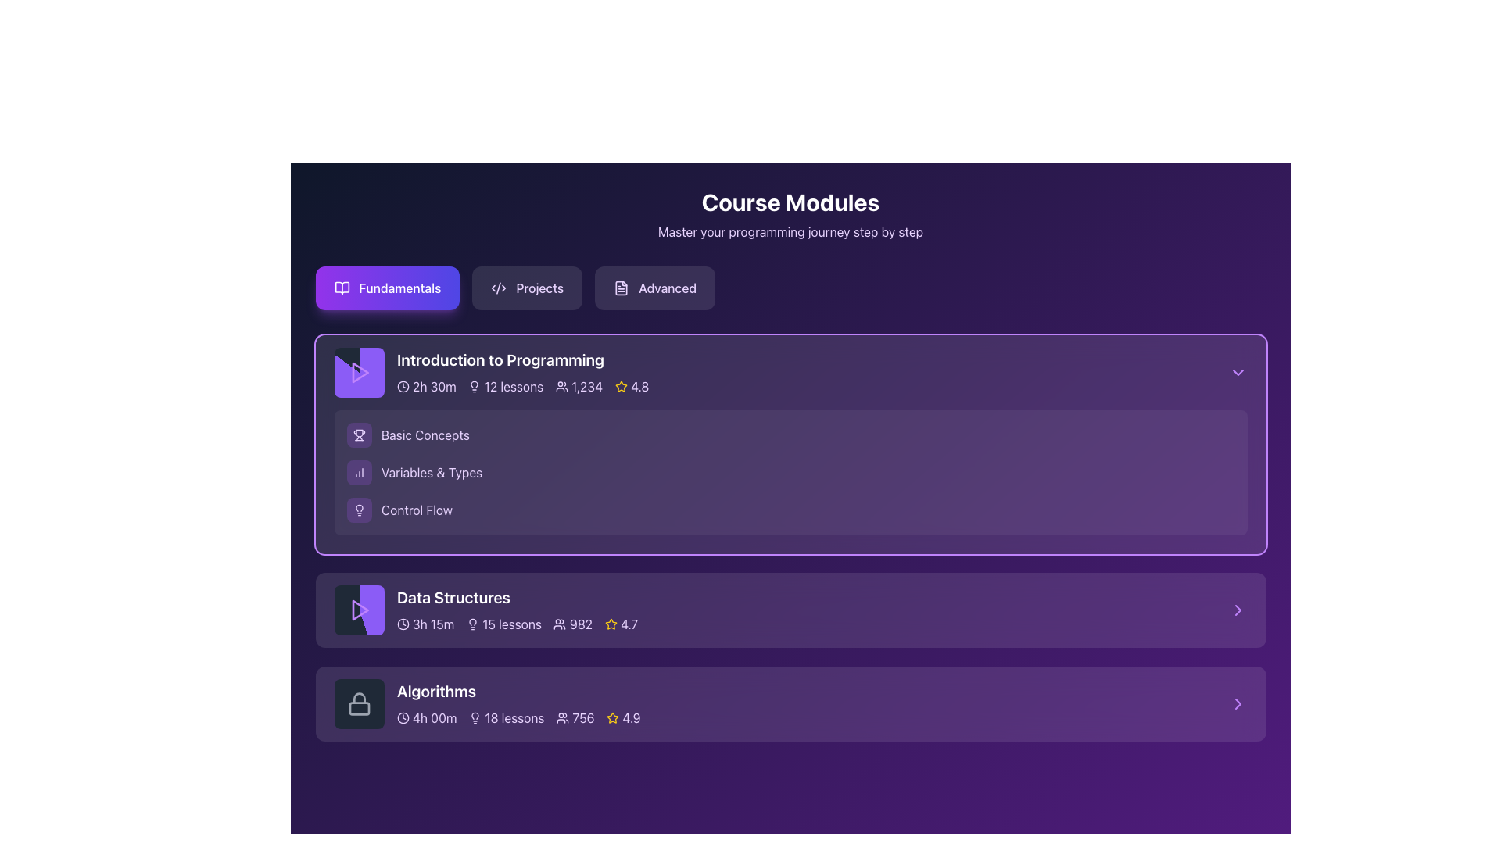 The width and height of the screenshot is (1501, 844). Describe the element at coordinates (561, 386) in the screenshot. I see `the user indicator icon located to the left of the number '1,234' within the 'Introduction to Programming' card, which visually indicates the number of participants` at that location.